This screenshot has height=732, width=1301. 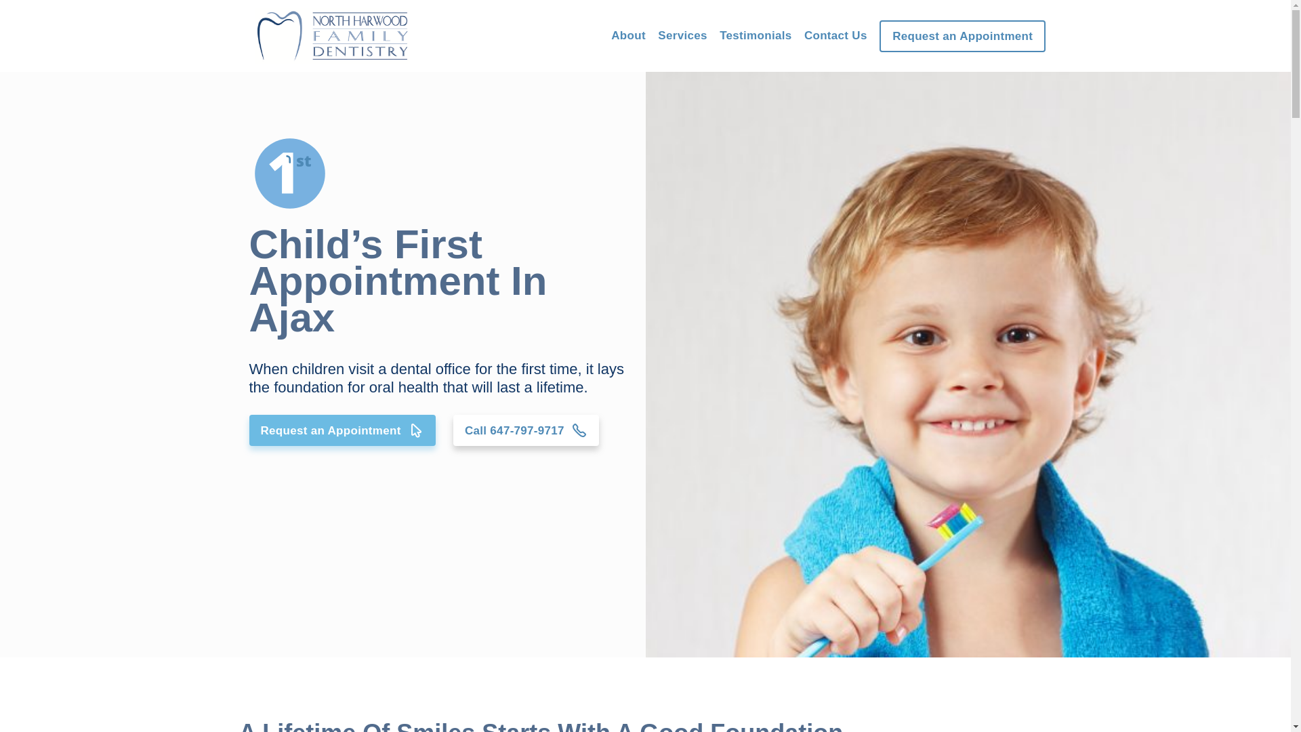 What do you see at coordinates (644, 363) in the screenshot?
I see `'North Harwood Family Dentistry - Ajax'` at bounding box center [644, 363].